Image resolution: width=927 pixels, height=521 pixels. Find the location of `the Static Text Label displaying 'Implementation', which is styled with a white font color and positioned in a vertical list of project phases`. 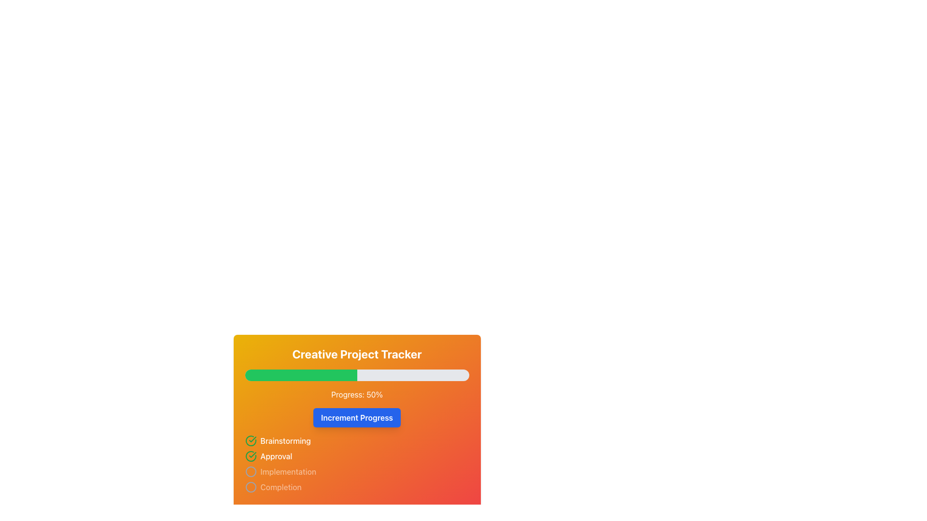

the Static Text Label displaying 'Implementation', which is styled with a white font color and positioned in a vertical list of project phases is located at coordinates (288, 471).